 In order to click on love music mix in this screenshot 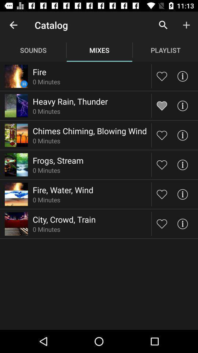, I will do `click(162, 223)`.